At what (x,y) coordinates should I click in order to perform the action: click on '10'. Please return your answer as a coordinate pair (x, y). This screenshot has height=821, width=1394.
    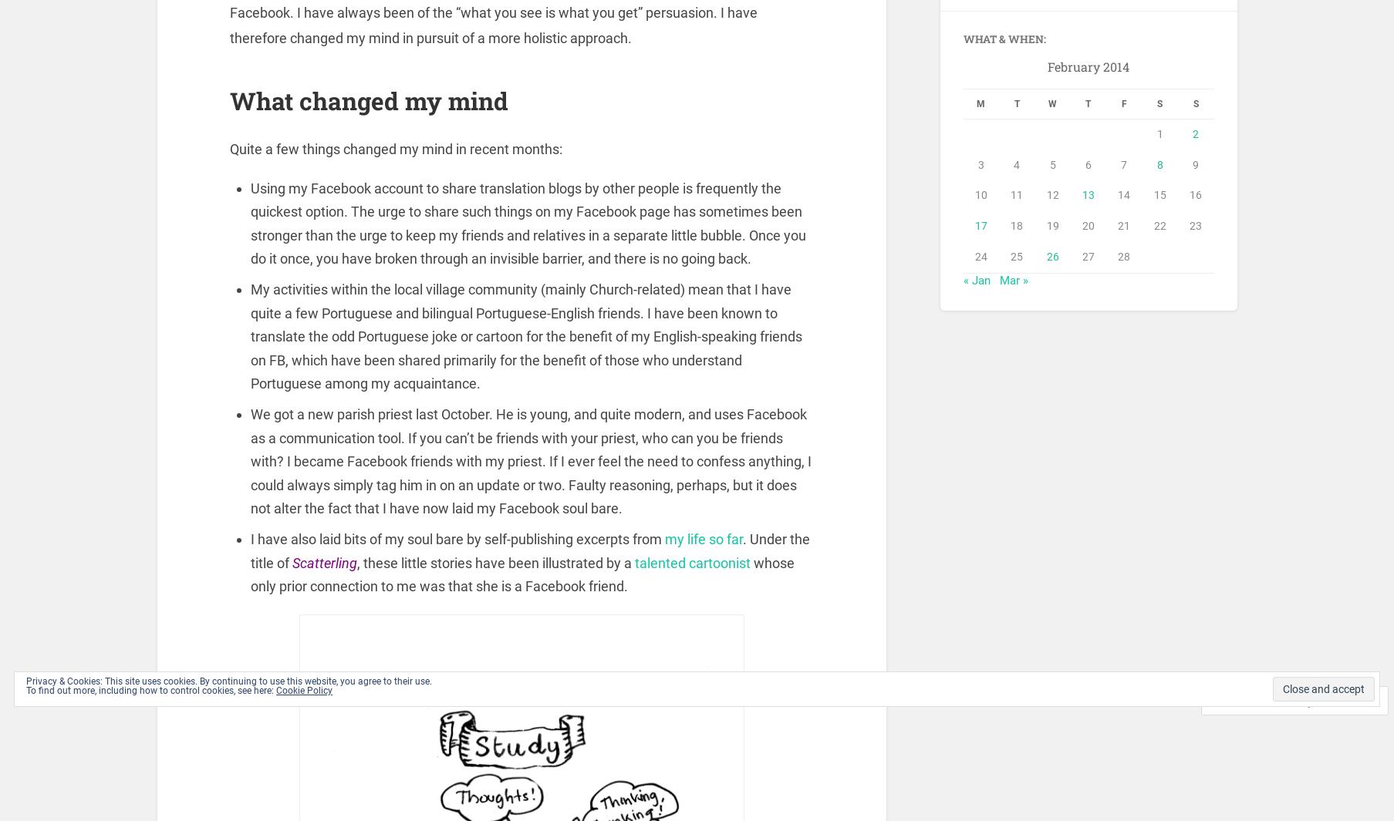
    Looking at the image, I should click on (981, 197).